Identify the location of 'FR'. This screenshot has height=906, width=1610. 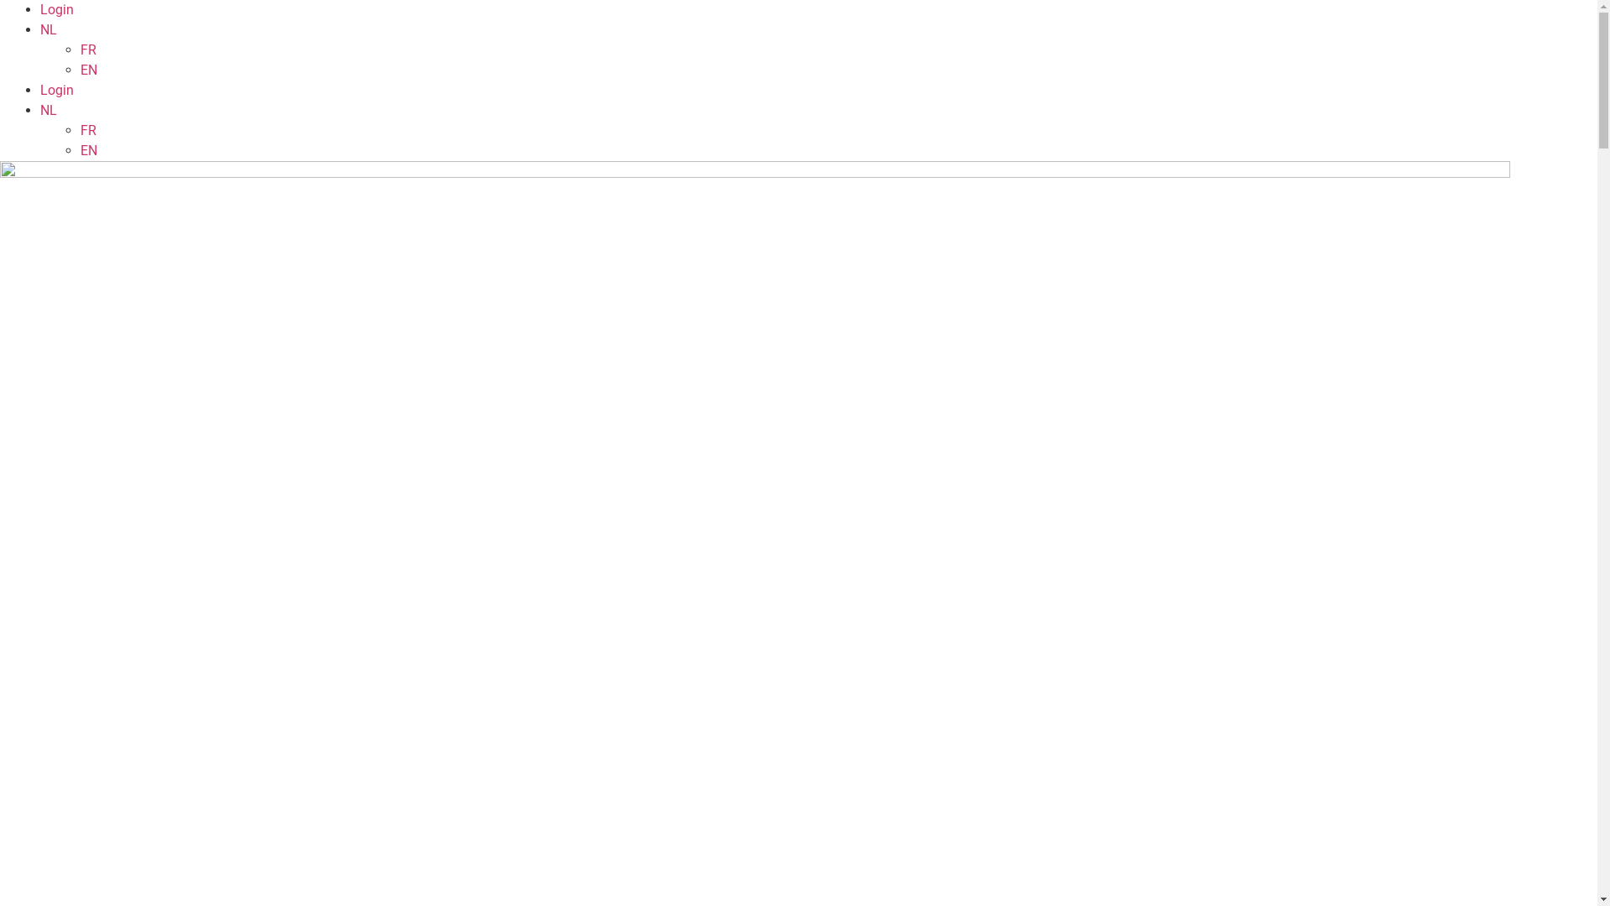
(87, 129).